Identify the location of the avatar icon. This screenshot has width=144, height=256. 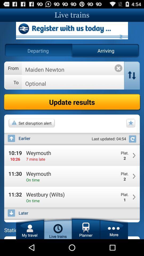
(30, 244).